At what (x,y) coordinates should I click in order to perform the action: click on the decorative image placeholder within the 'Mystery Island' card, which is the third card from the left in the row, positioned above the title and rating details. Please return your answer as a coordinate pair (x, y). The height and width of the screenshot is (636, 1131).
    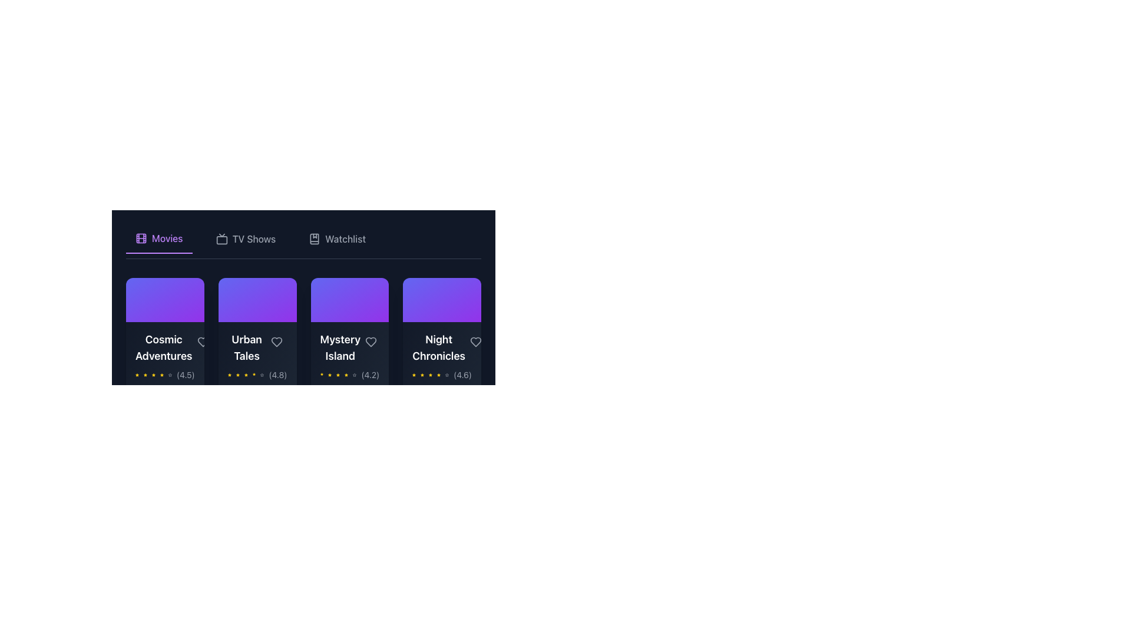
    Looking at the image, I should click on (349, 299).